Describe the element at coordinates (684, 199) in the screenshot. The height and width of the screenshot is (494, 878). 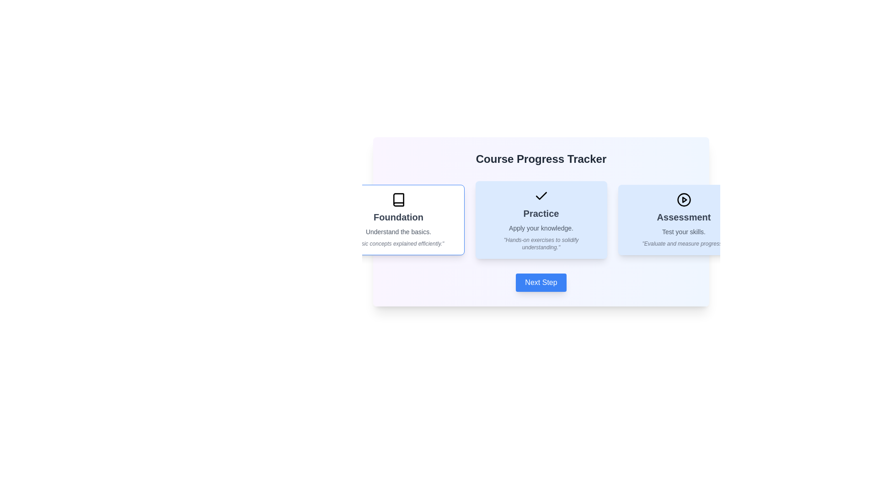
I see `the decorative SVG circle component located in the 'Assessment' section of the rightmost card, which serves as a background for a play button visual representation` at that location.